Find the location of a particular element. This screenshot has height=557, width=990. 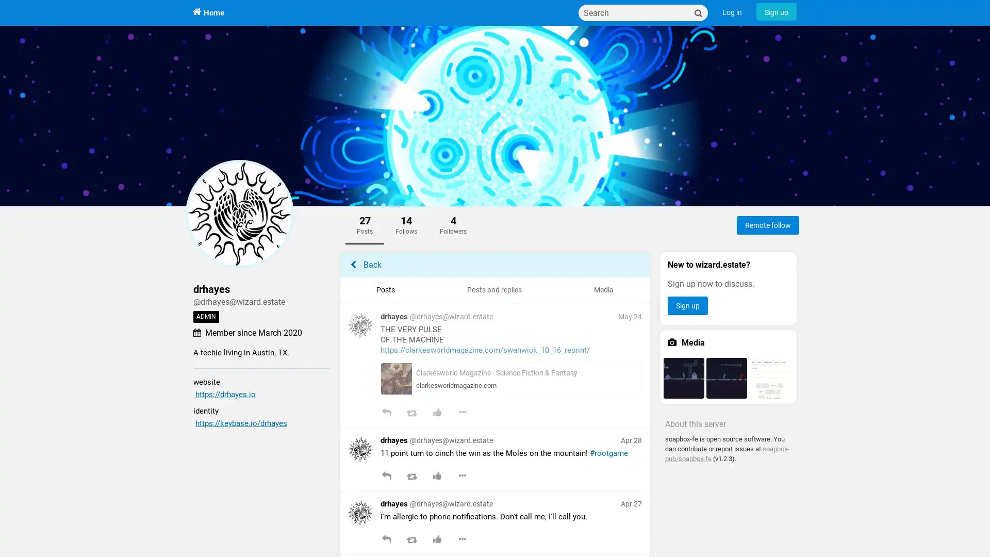

Back is located at coordinates (495, 264).